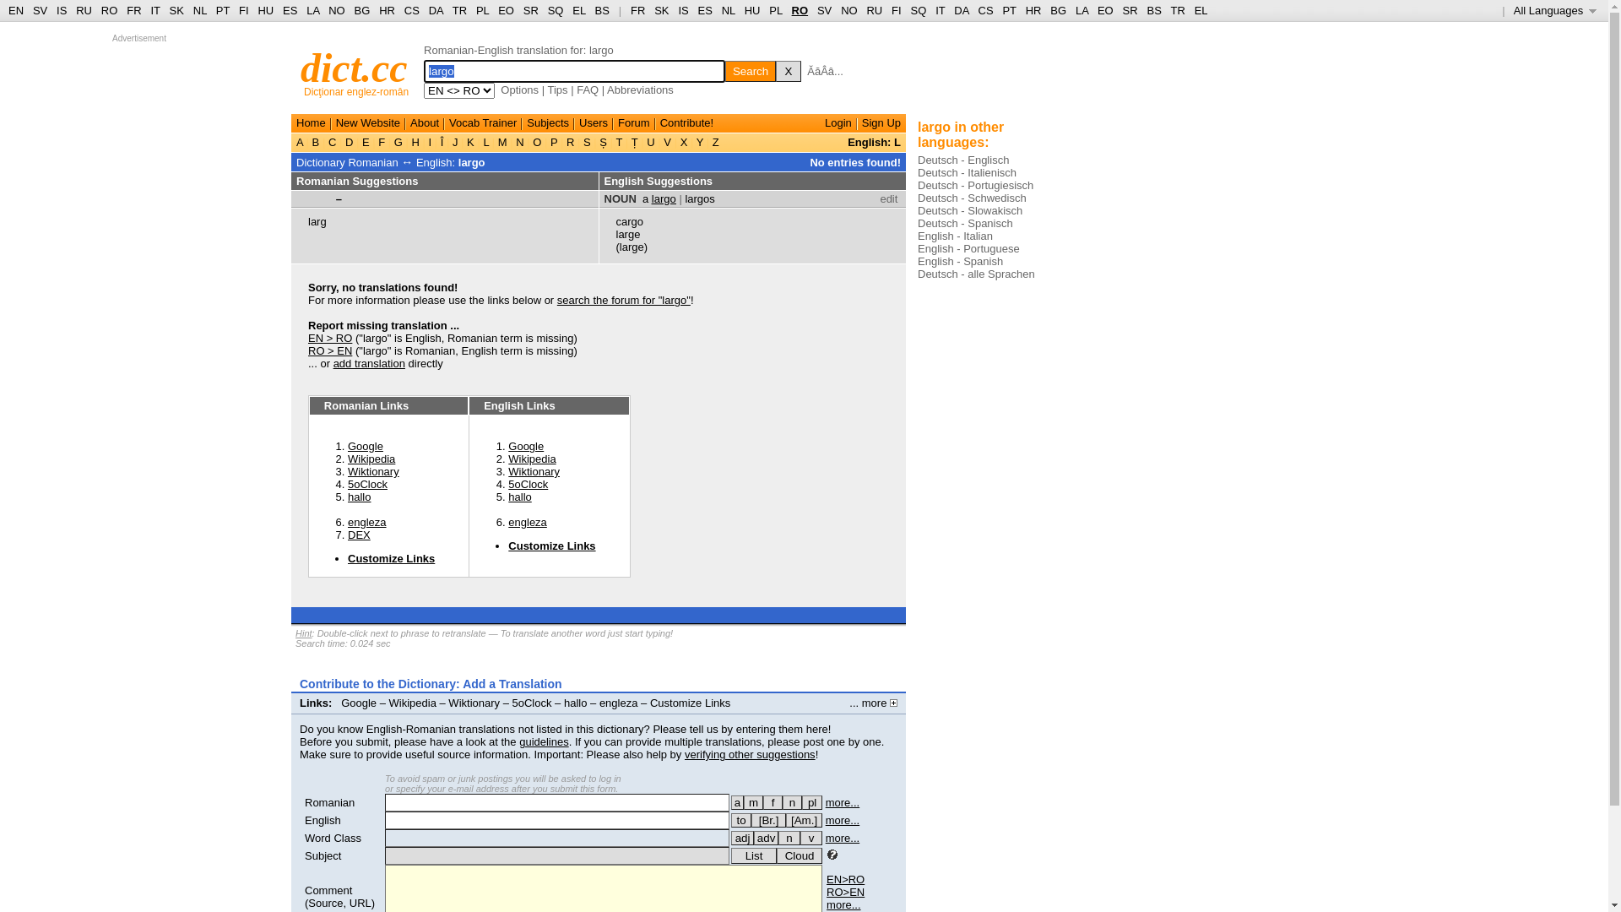 This screenshot has width=1621, height=912. Describe the element at coordinates (955, 236) in the screenshot. I see `'English - Italian'` at that location.